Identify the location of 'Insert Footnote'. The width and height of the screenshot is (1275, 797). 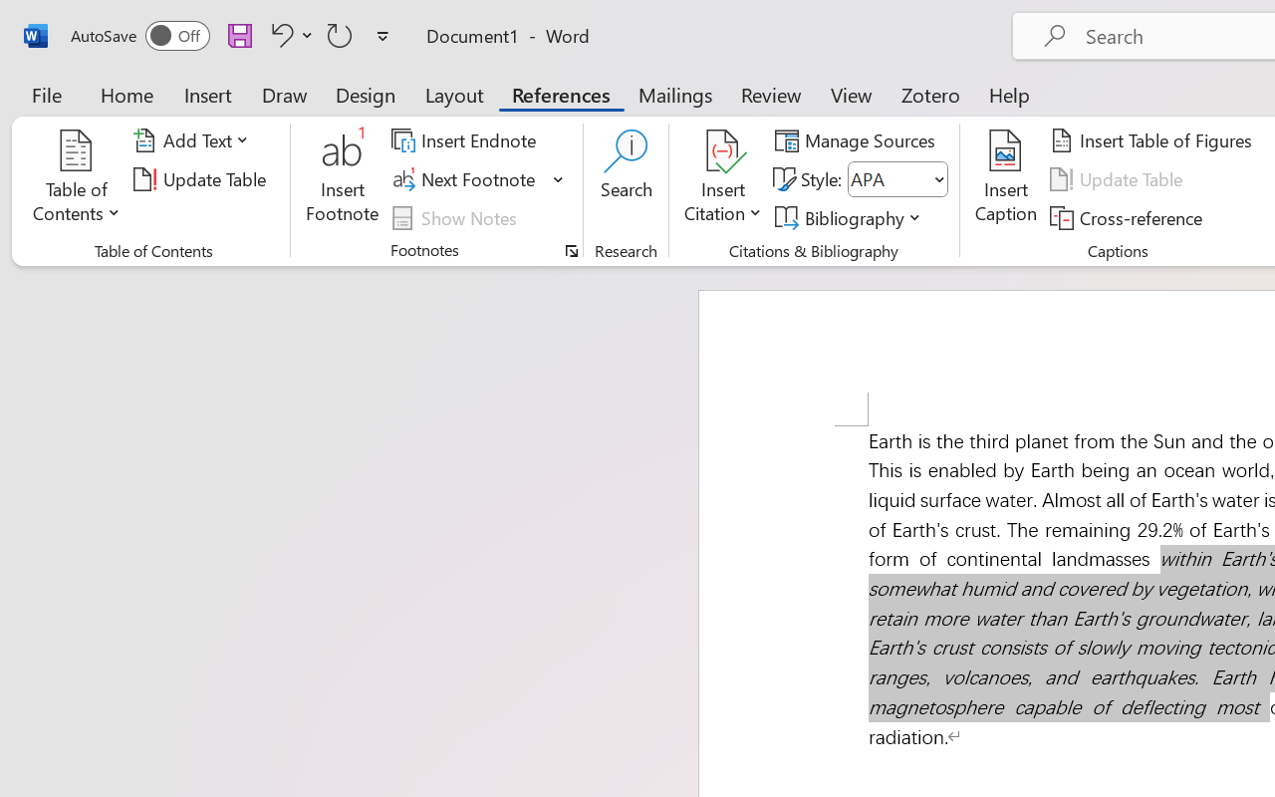
(343, 178).